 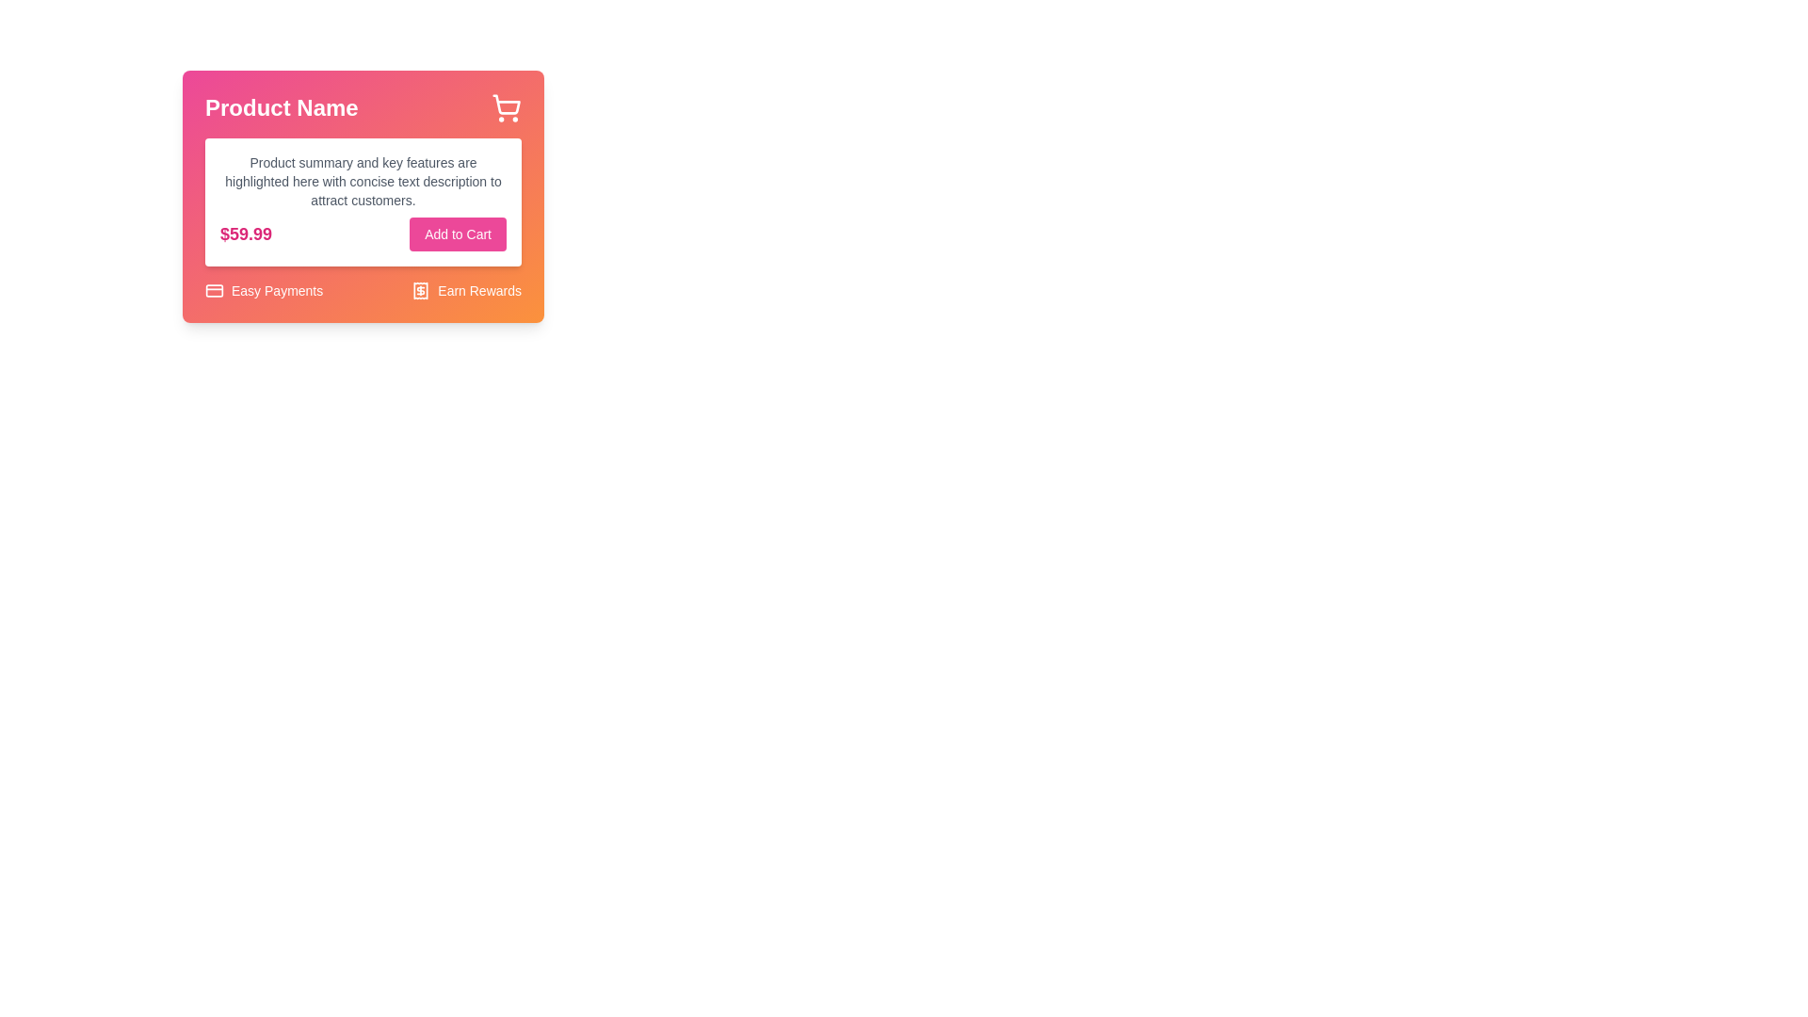 I want to click on the add to cart button located in the pricing section of the product card to observe its hover effects, so click(x=458, y=234).